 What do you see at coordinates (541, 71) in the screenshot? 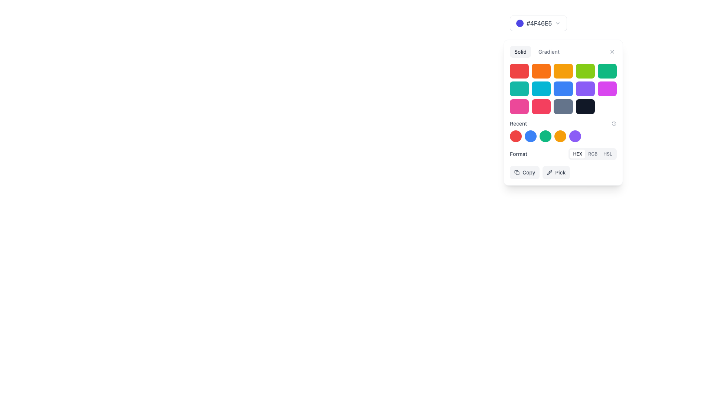
I see `the rectangular button with rounded edges and a solid orange background` at bounding box center [541, 71].